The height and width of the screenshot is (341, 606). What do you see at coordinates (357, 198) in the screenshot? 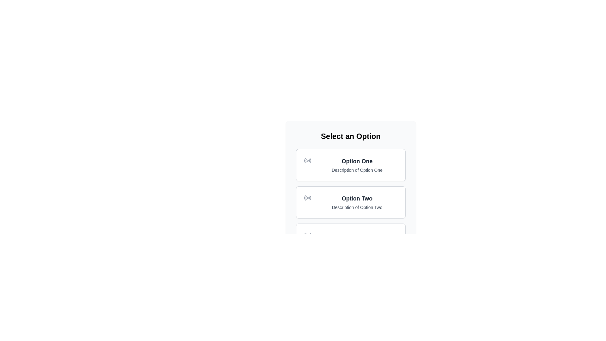
I see `bold text label 'Option Two' which is centrally located in the second selection card of the interface` at bounding box center [357, 198].